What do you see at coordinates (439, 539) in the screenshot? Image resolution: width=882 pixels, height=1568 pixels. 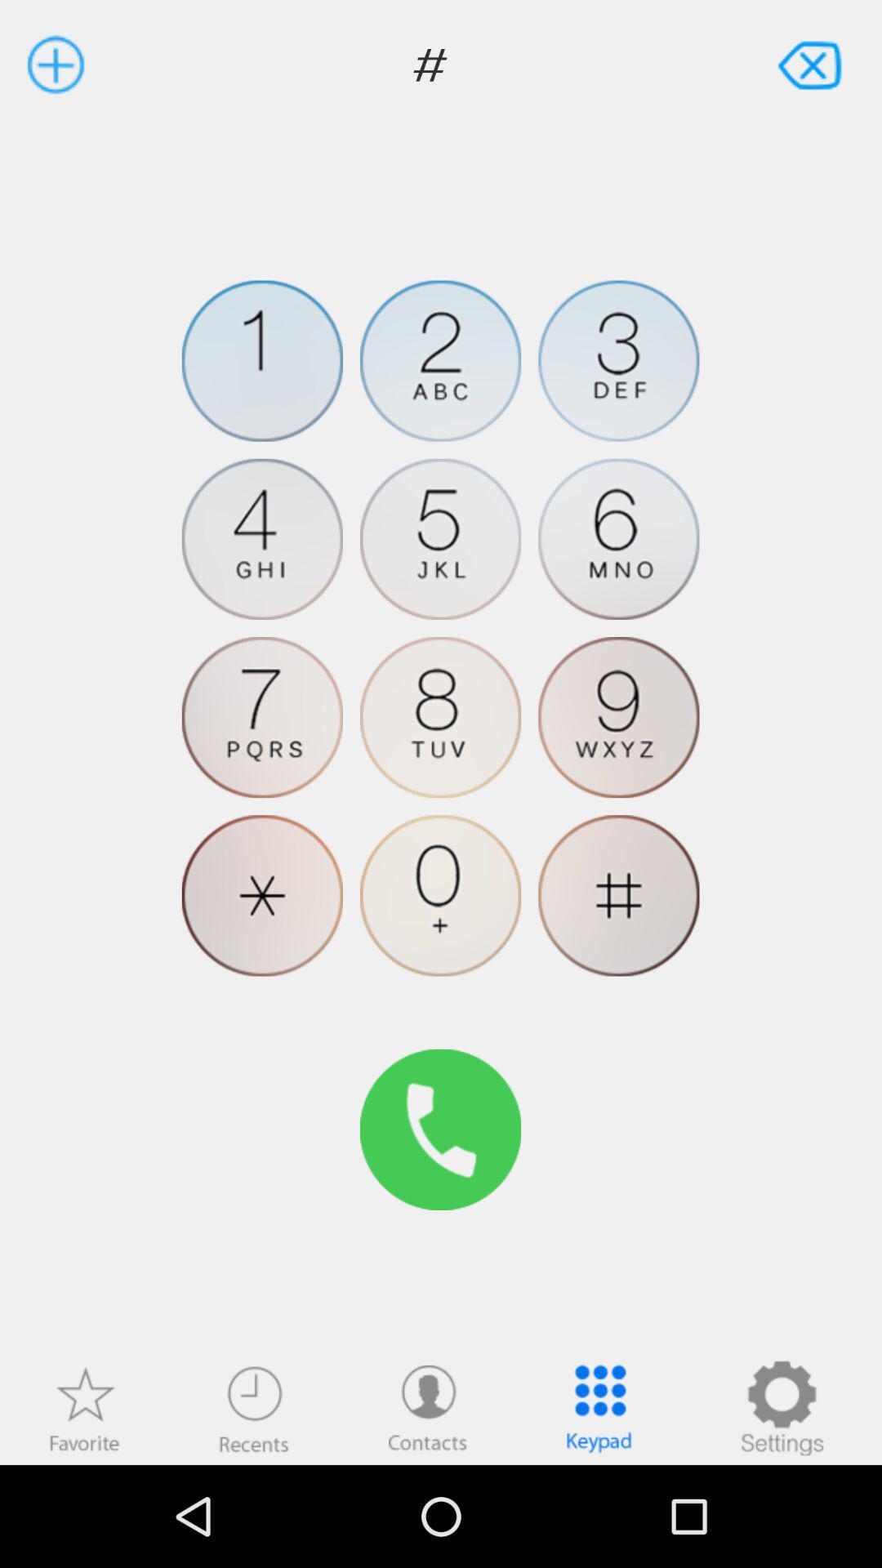 I see `phone number` at bounding box center [439, 539].